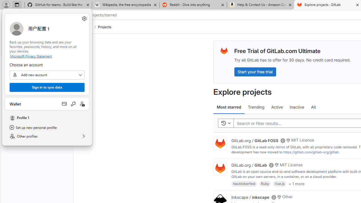 The image size is (361, 203). Describe the element at coordinates (73, 103) in the screenshot. I see `'Open passwords'` at that location.